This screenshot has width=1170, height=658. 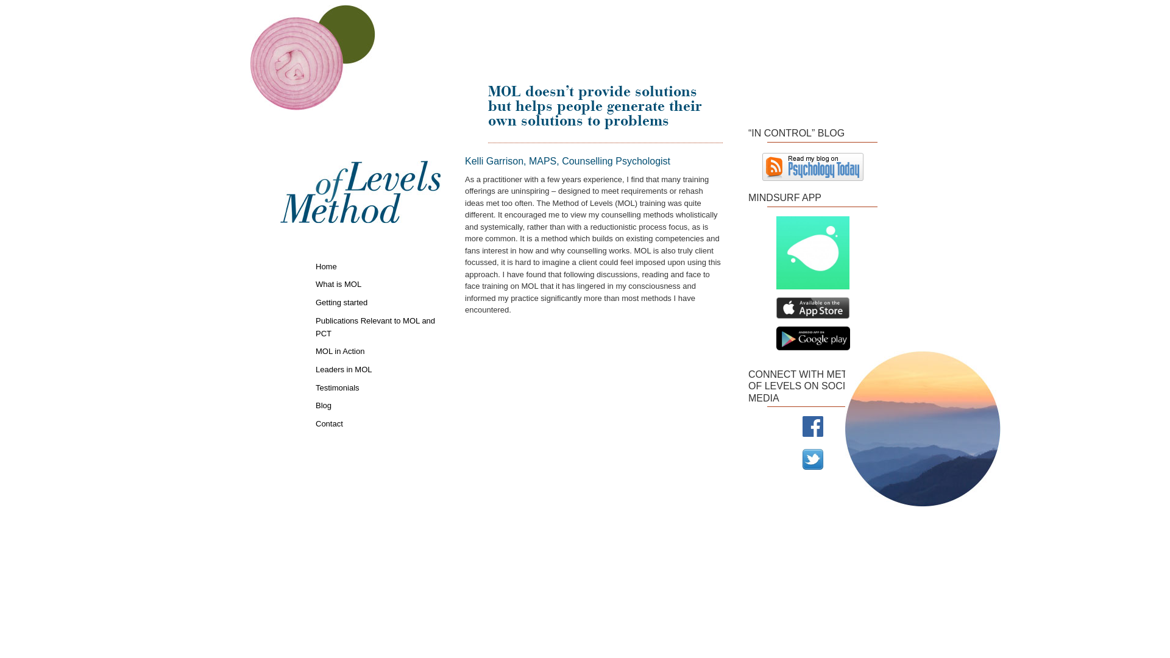 I want to click on 'Contact', so click(x=377, y=422).